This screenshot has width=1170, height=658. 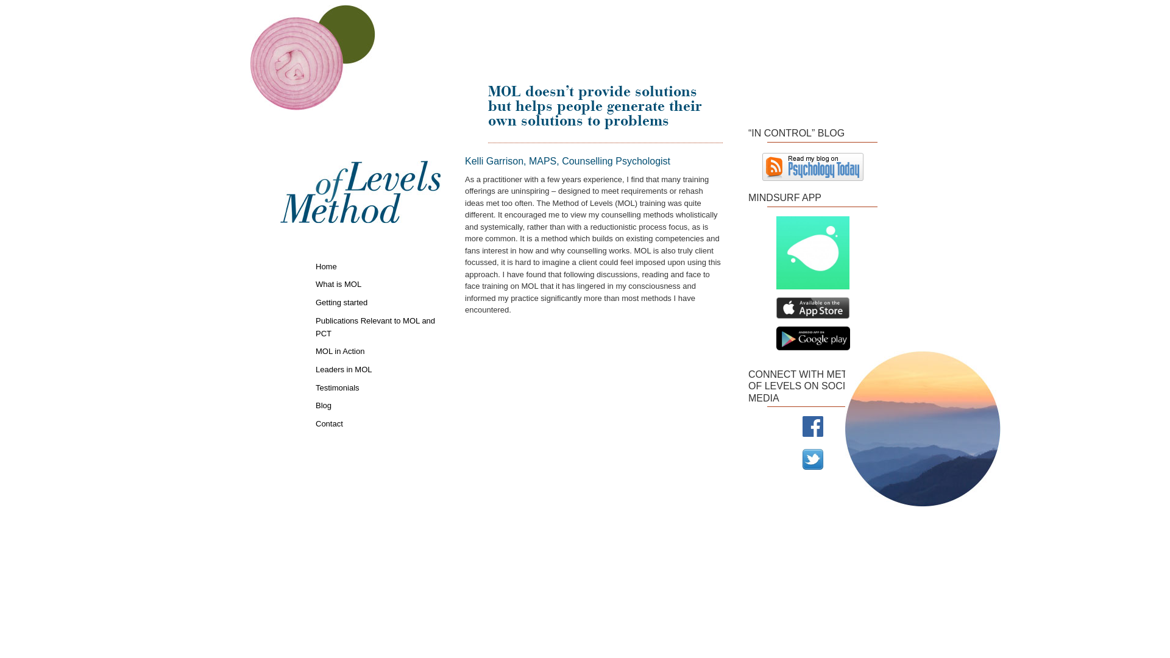 I want to click on 'Contact', so click(x=377, y=422).